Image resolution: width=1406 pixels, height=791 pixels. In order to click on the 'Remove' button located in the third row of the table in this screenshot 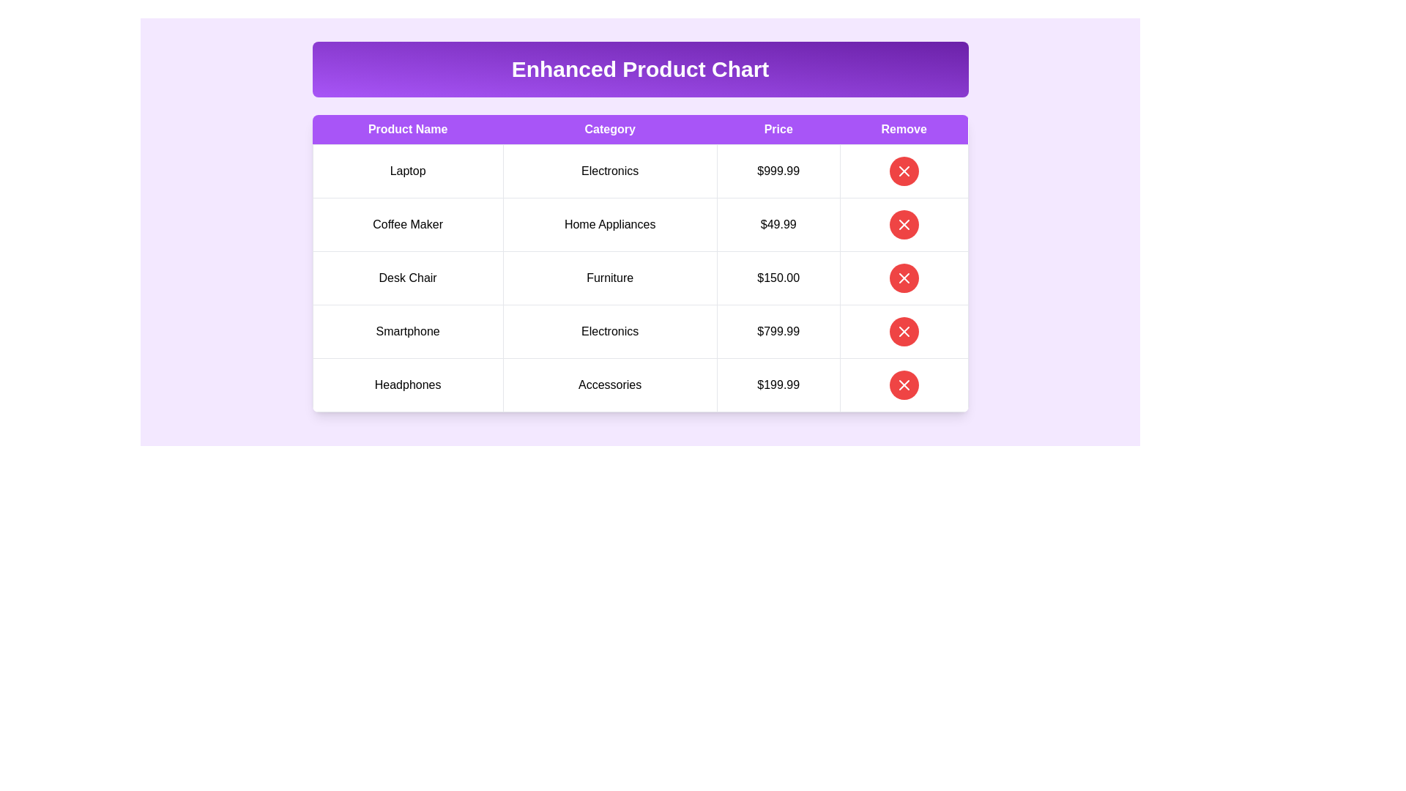, I will do `click(903, 278)`.